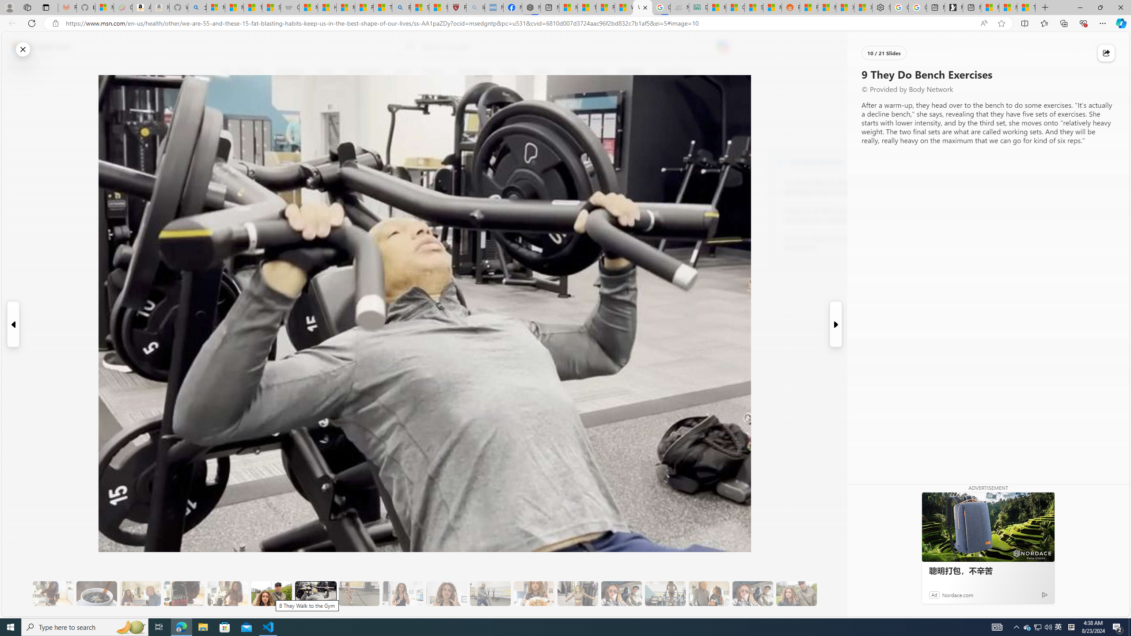 This screenshot has height=636, width=1131. Describe the element at coordinates (533, 594) in the screenshot. I see `'14 They Have Salmon and Veggies for Dinner'` at that location.